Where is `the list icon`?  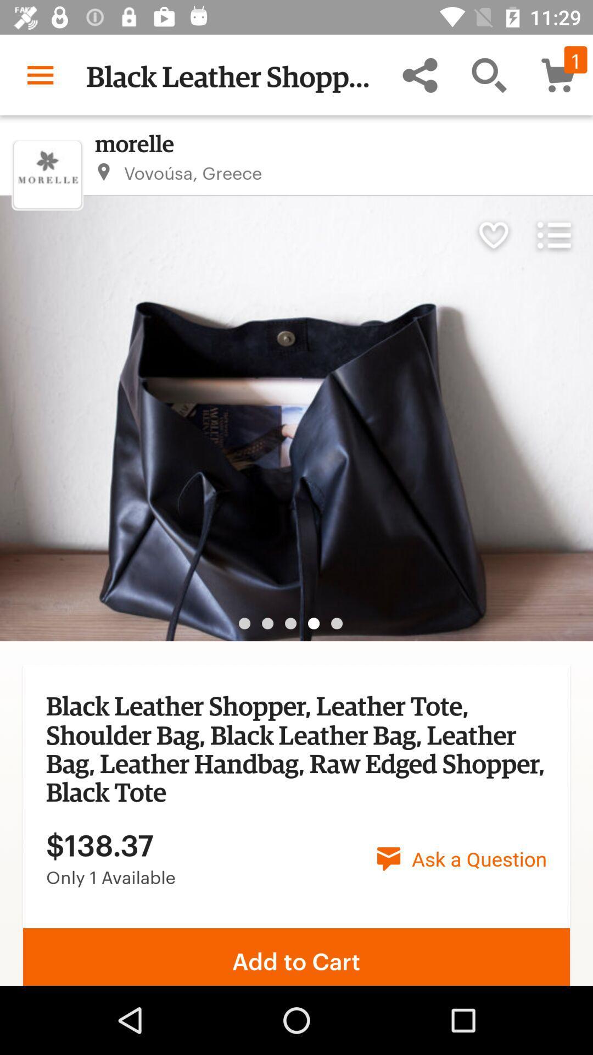 the list icon is located at coordinates (554, 234).